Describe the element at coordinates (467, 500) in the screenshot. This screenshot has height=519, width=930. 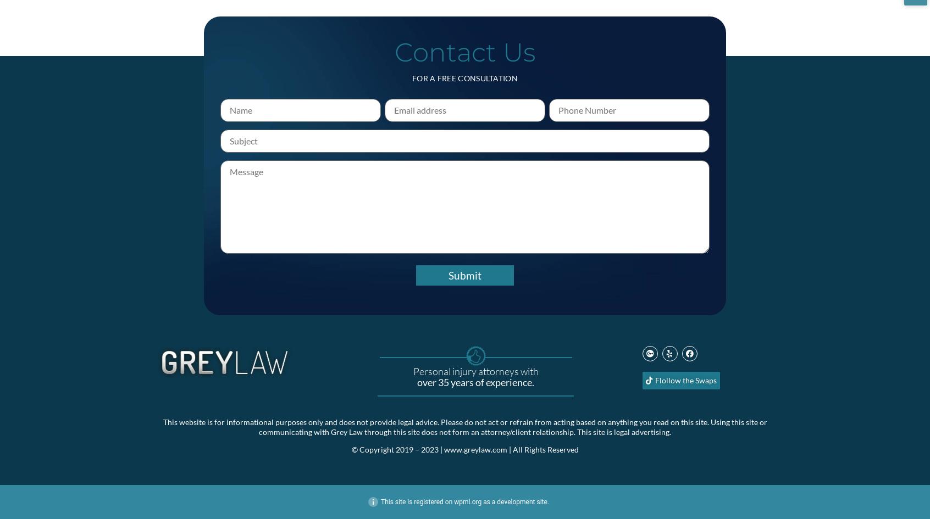
I see `'wpml.org'` at that location.